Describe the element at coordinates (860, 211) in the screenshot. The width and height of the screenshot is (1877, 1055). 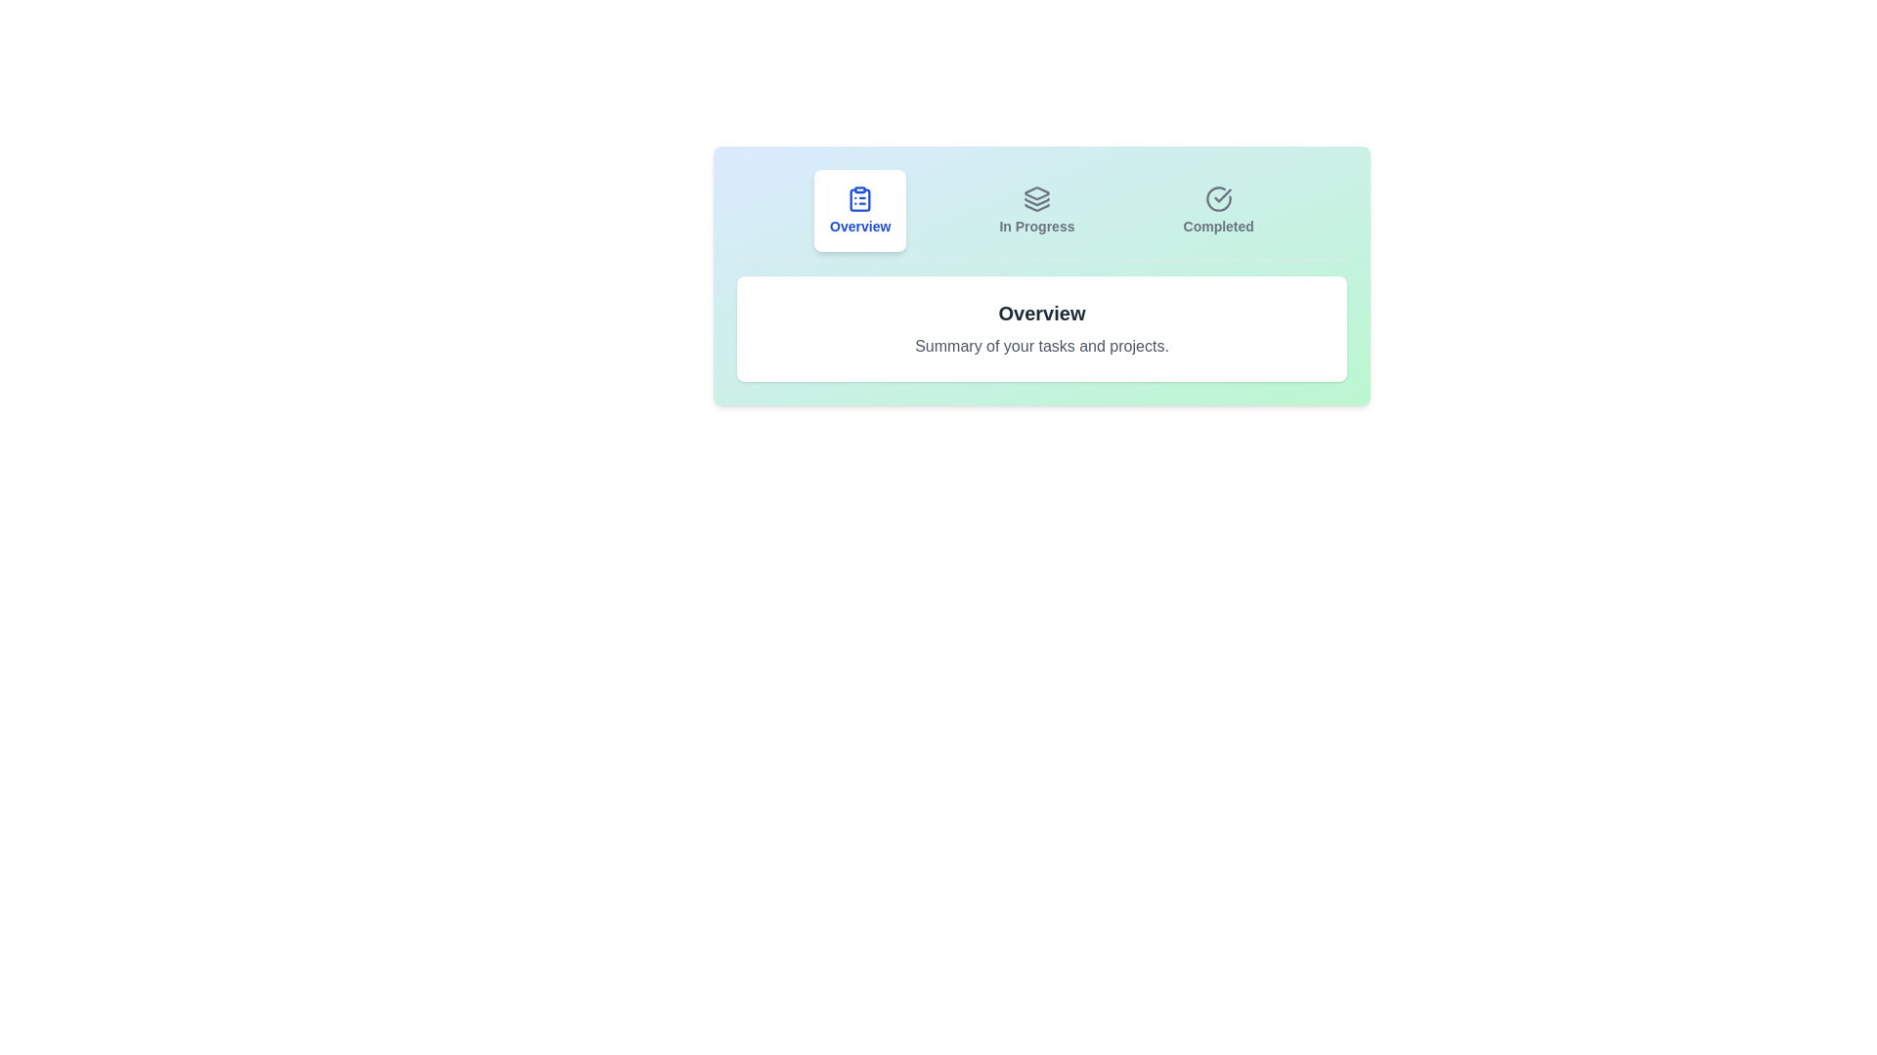
I see `the tab labeled Overview to view its summary text` at that location.